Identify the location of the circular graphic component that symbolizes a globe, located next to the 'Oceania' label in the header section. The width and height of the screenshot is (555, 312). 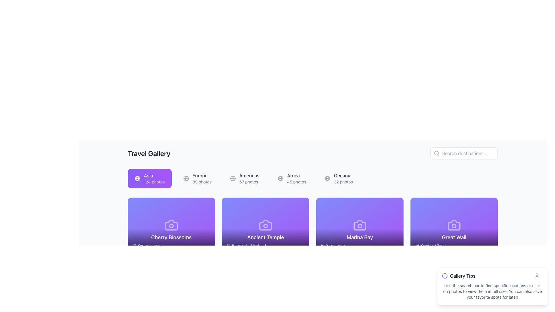
(328, 178).